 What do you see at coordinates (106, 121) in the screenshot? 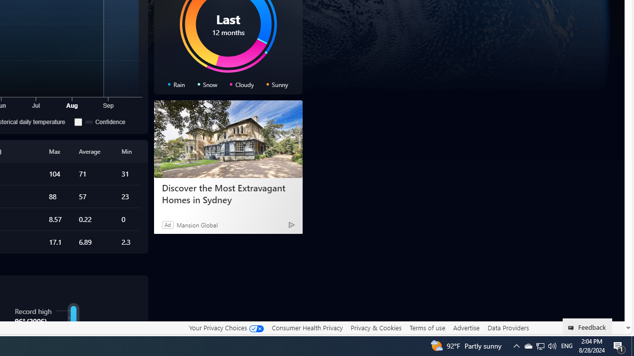
I see `'Confidence'` at bounding box center [106, 121].